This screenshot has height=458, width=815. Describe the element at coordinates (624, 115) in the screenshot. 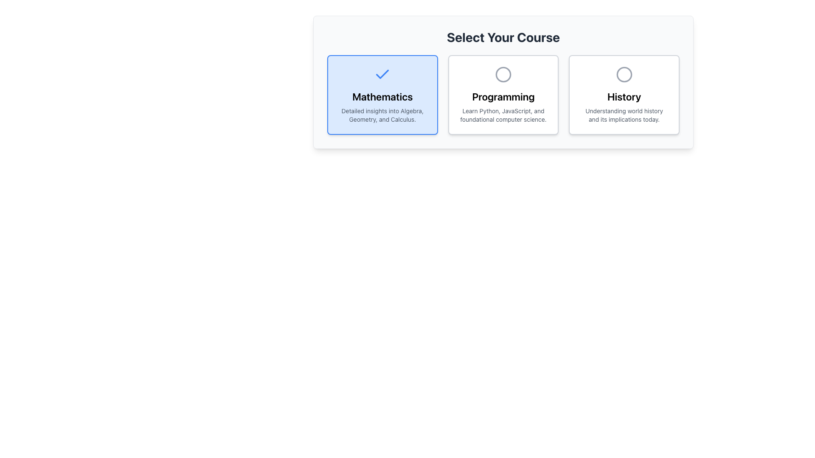

I see `the text label displaying 'Understanding world history and its implications today.' which is styled in light-gray font and located beneath the title 'History' in the rightmost section of the layout` at that location.